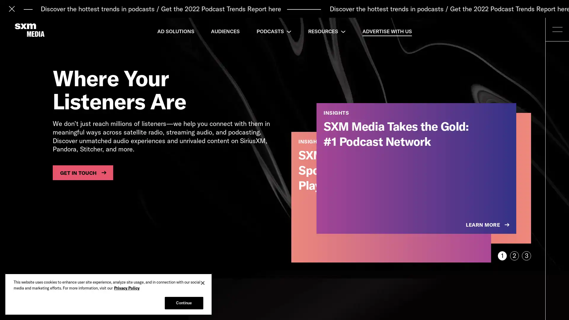 This screenshot has width=569, height=320. What do you see at coordinates (183, 303) in the screenshot?
I see `Continue` at bounding box center [183, 303].